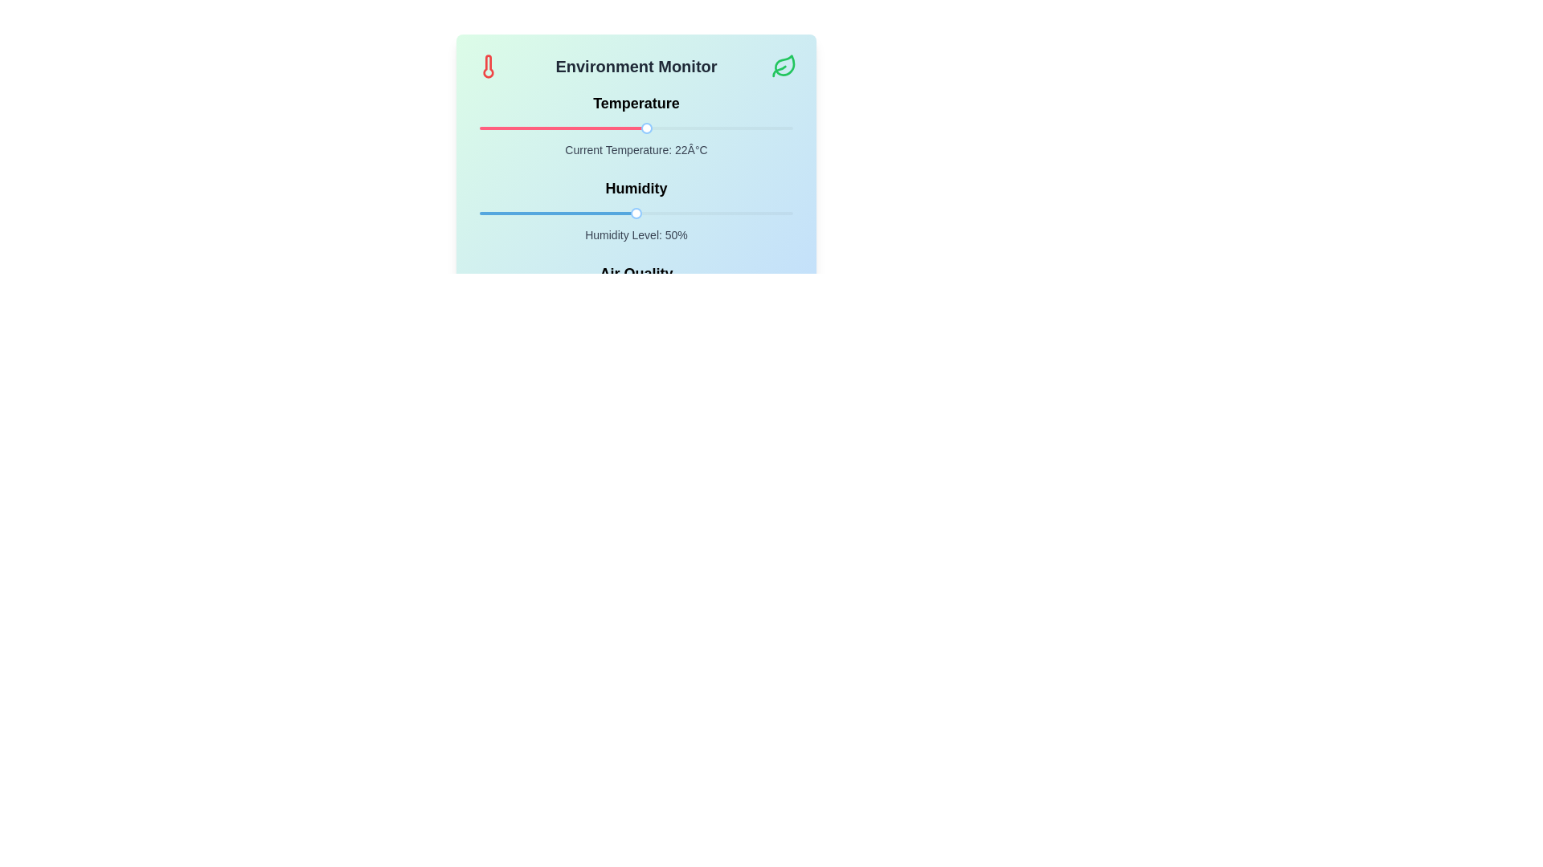 The width and height of the screenshot is (1543, 867). Describe the element at coordinates (636, 66) in the screenshot. I see `the Header Text displaying 'Environment Monitor', which is bold, large, and centrally placed at the top of a card-like interface` at that location.